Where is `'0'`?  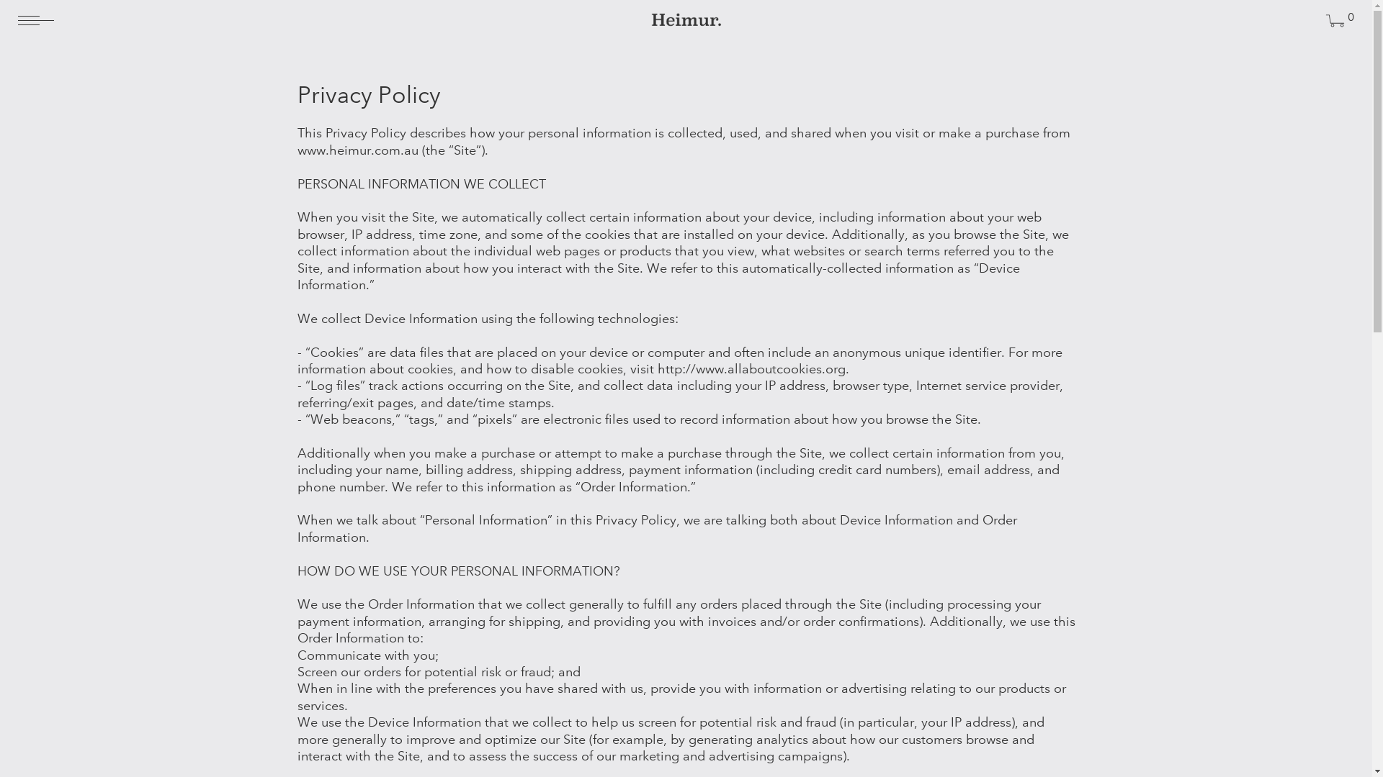 '0' is located at coordinates (1335, 22).